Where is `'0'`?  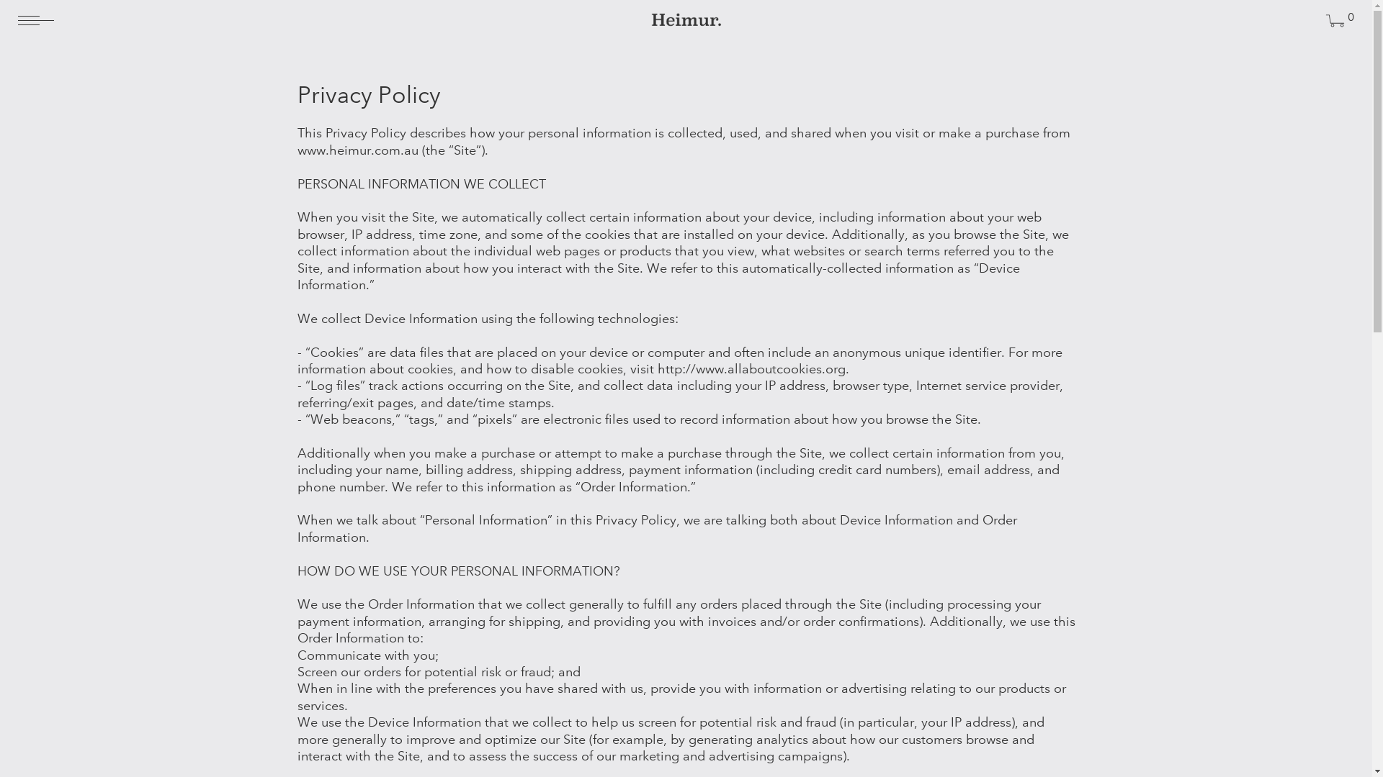 '0' is located at coordinates (1335, 22).